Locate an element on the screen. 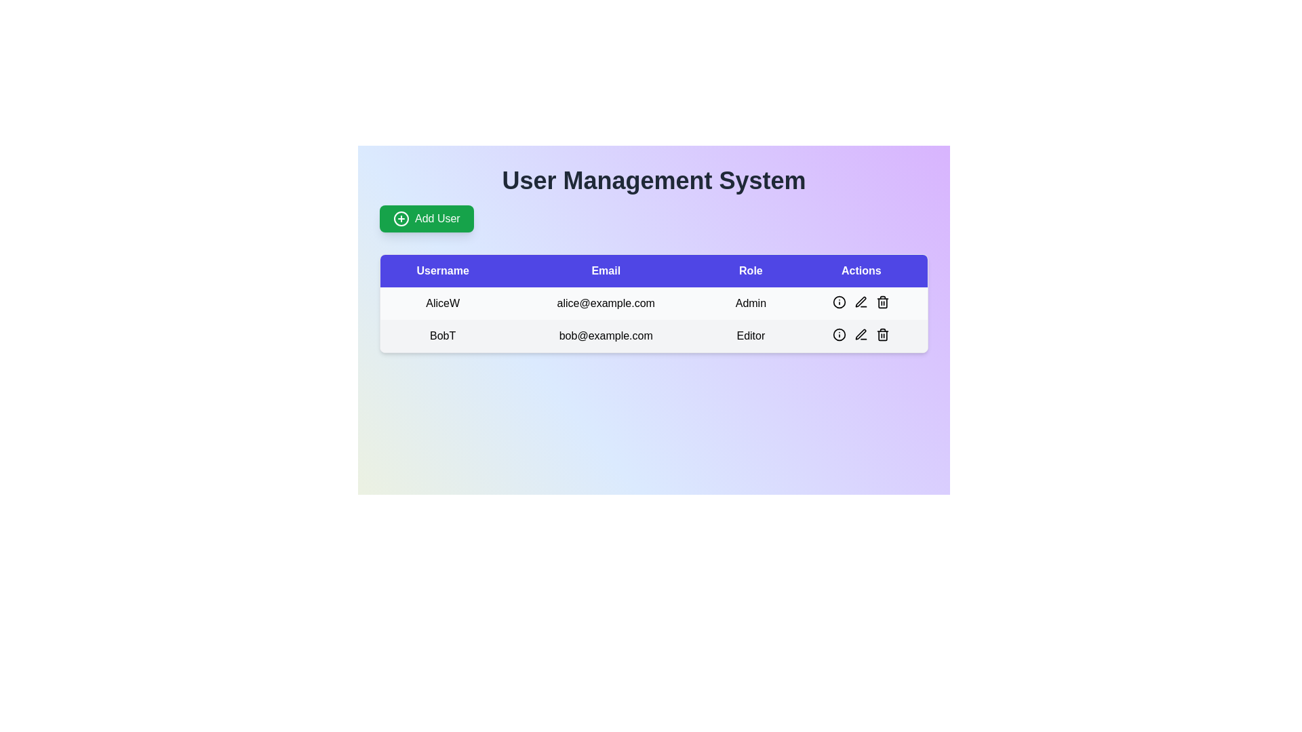  the green 'Add User' button with a white plus icon, located below the 'User Management System' header is located at coordinates (426, 218).